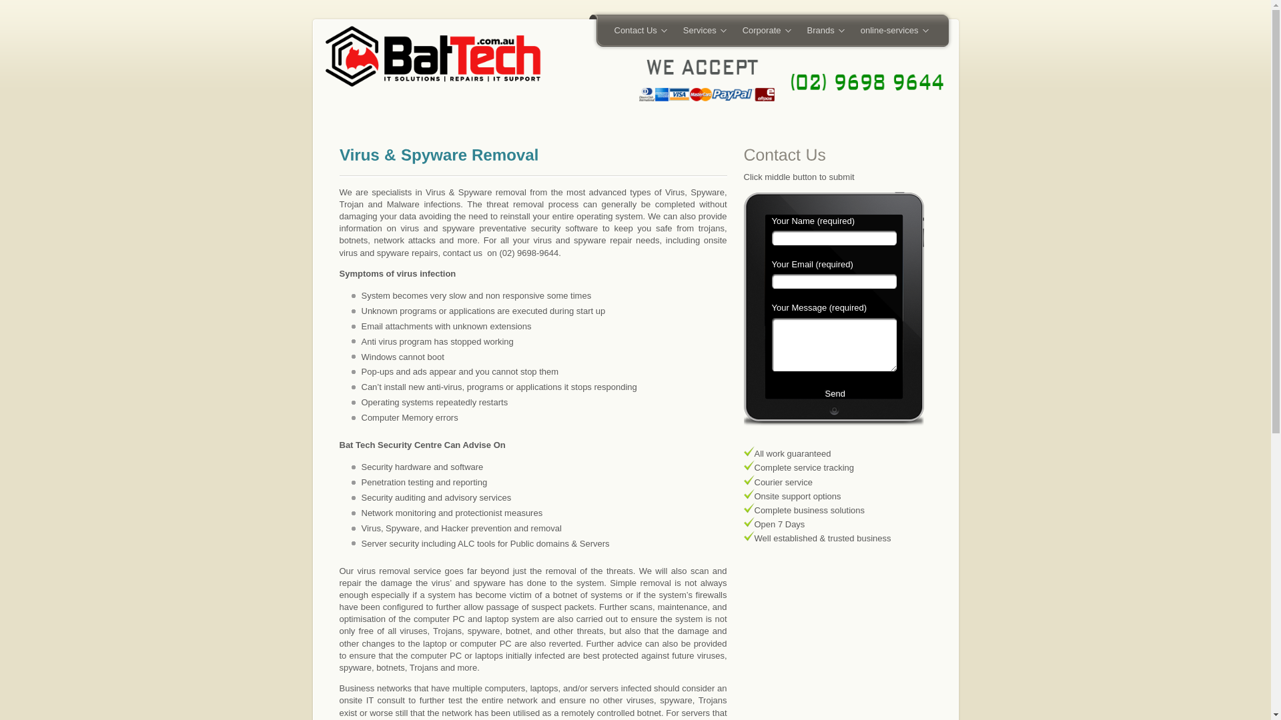 The width and height of the screenshot is (1281, 720). Describe the element at coordinates (832, 401) in the screenshot. I see `'Send'` at that location.